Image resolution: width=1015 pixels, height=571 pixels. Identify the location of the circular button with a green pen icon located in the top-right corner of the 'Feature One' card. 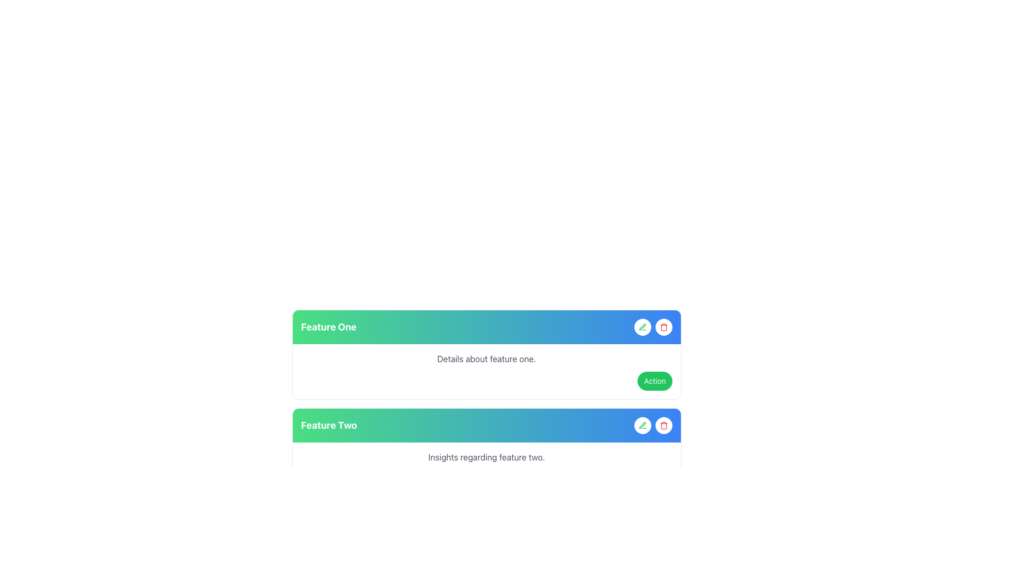
(642, 326).